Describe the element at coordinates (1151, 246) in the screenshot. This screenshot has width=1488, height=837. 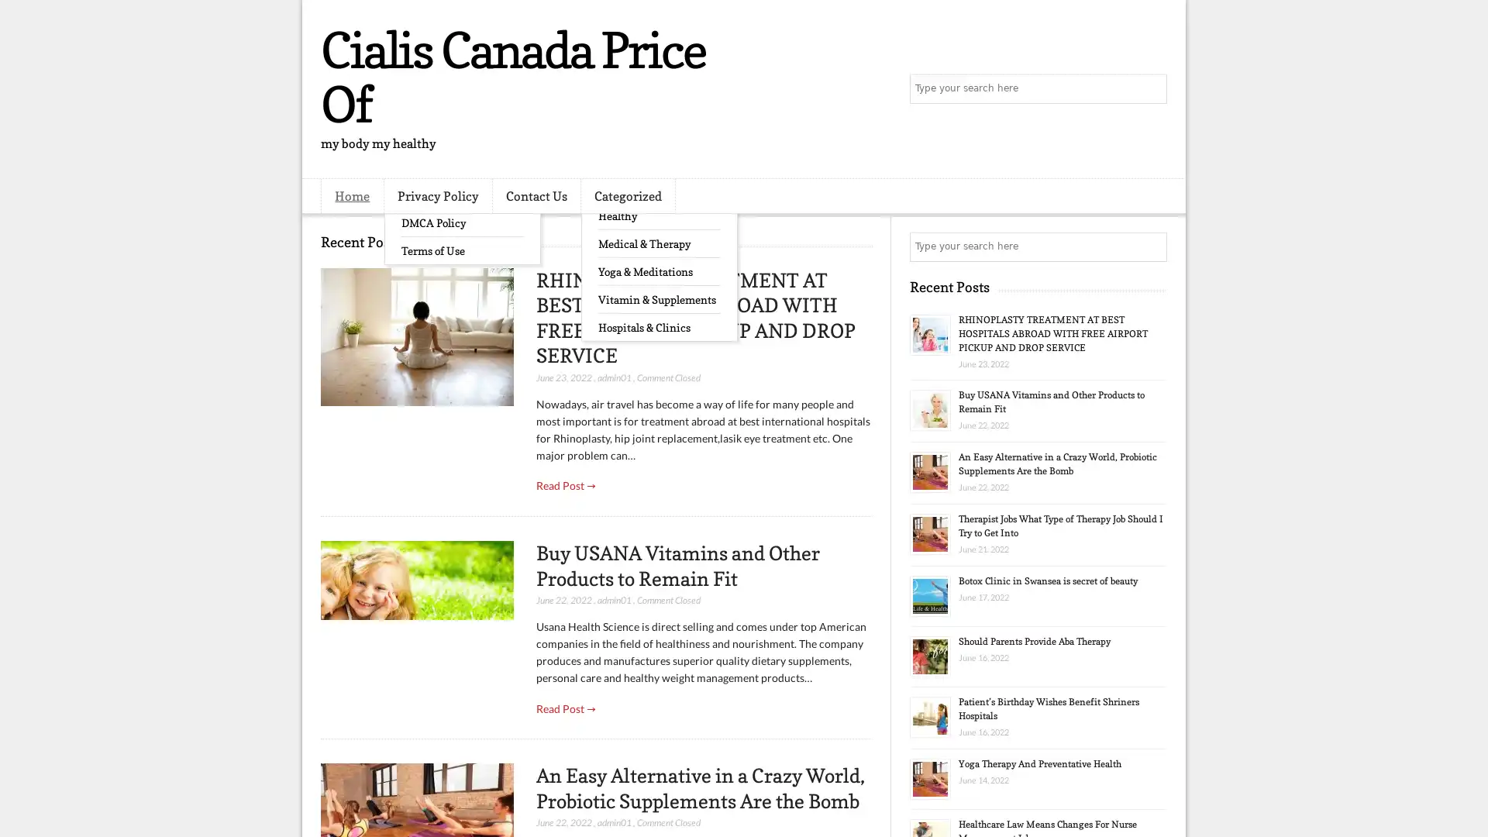
I see `Search` at that location.